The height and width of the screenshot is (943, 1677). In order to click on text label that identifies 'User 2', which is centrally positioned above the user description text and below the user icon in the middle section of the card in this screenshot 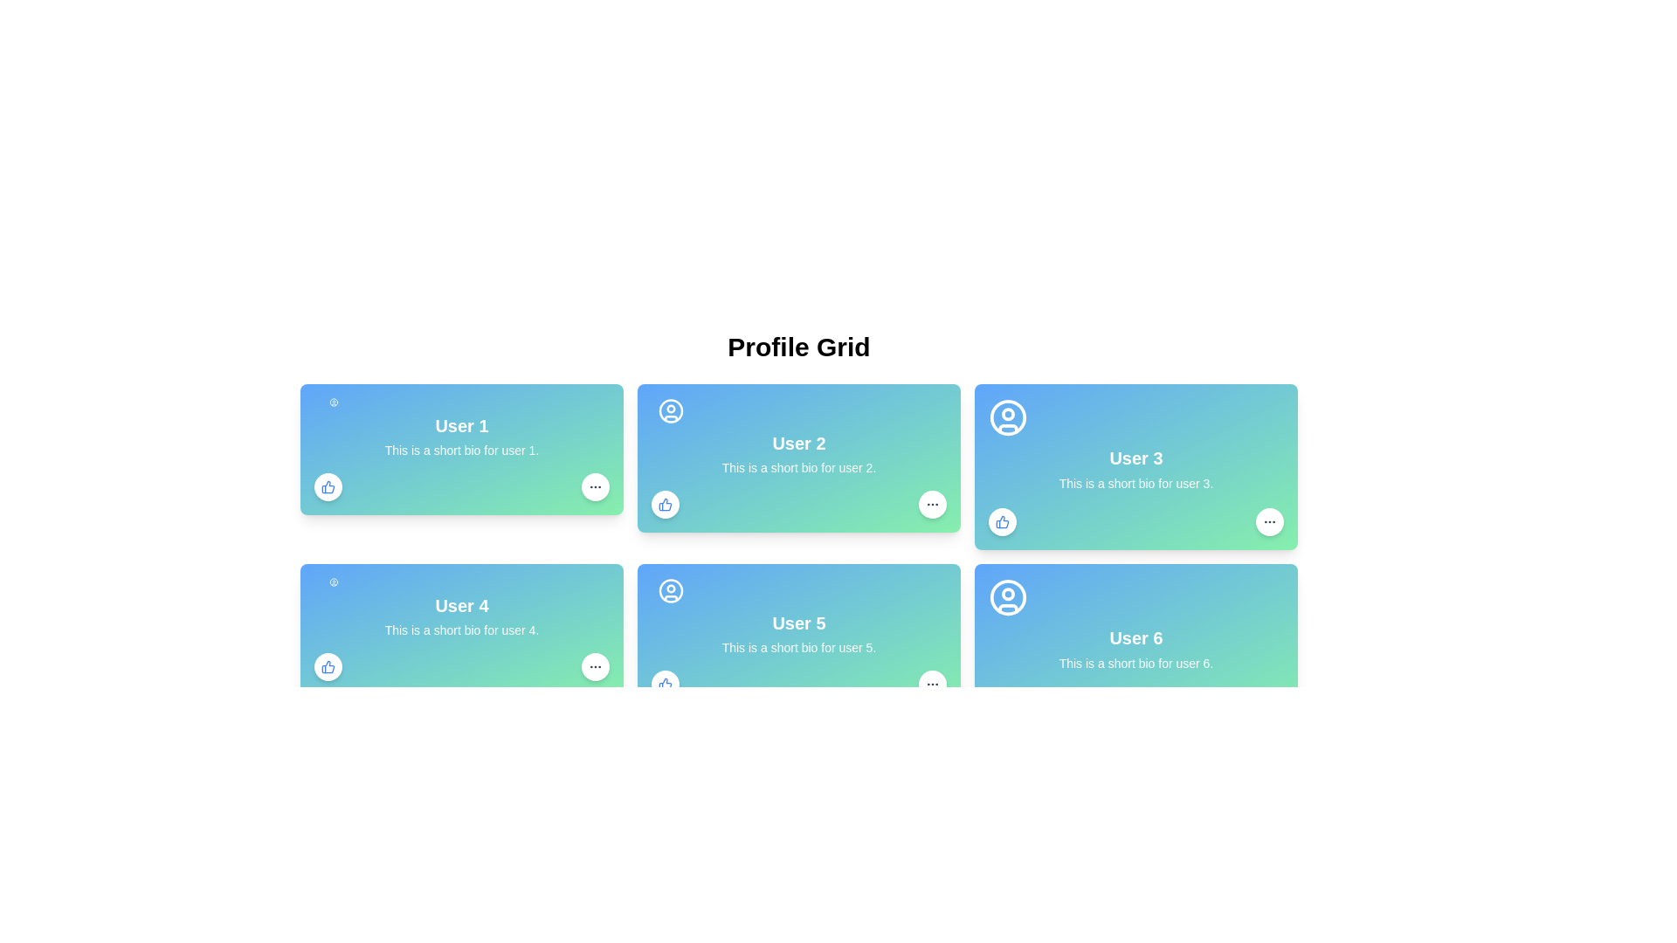, I will do `click(798, 443)`.